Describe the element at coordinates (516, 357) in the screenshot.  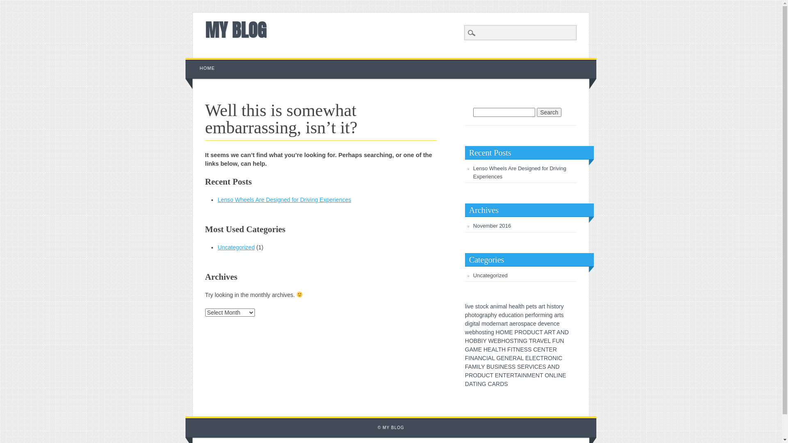
I see `'A'` at that location.